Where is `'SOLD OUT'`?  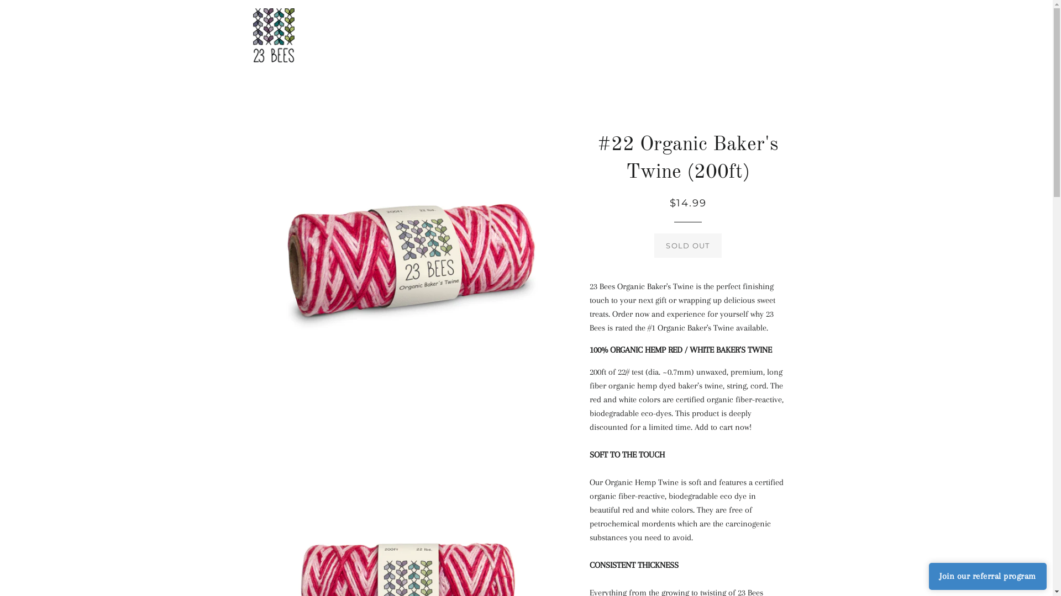 'SOLD OUT' is located at coordinates (687, 244).